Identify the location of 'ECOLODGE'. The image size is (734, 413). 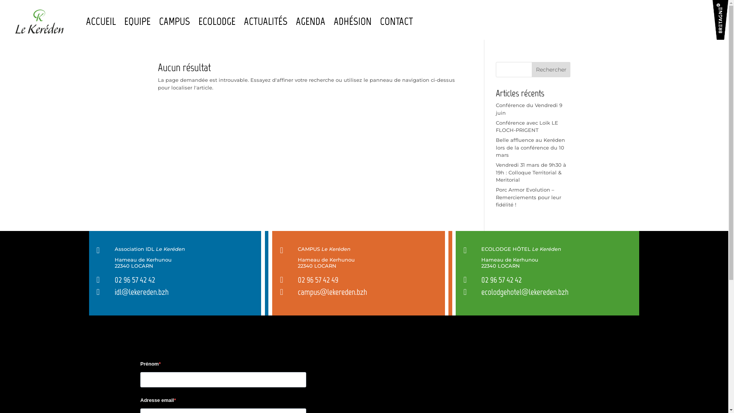
(216, 21).